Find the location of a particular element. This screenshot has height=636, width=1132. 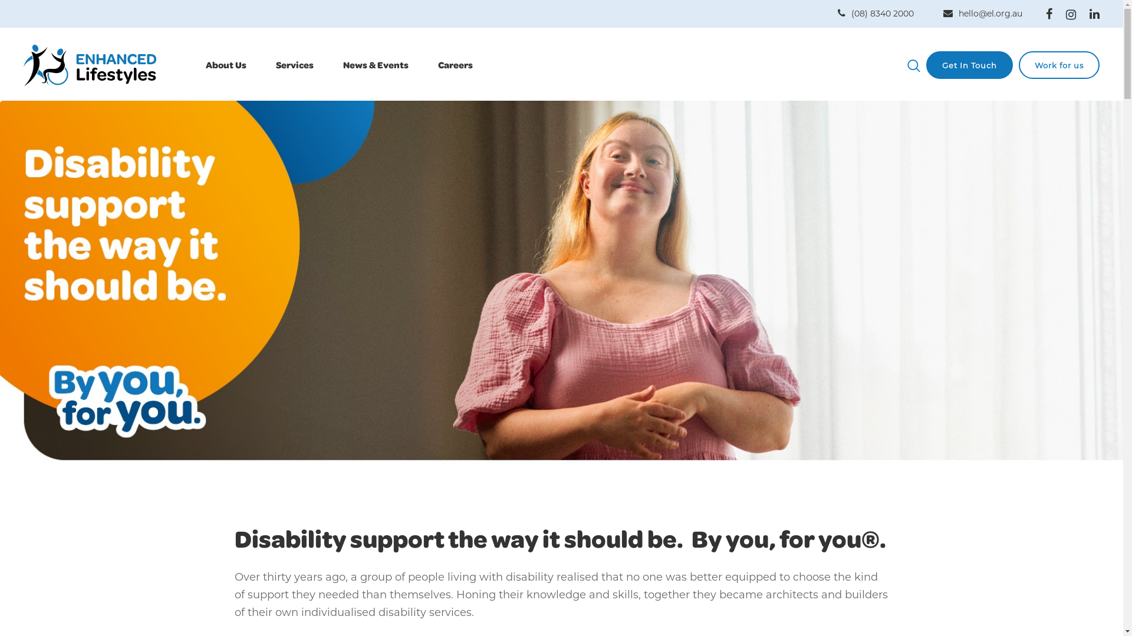

'Click here to search' is located at coordinates (913, 65).